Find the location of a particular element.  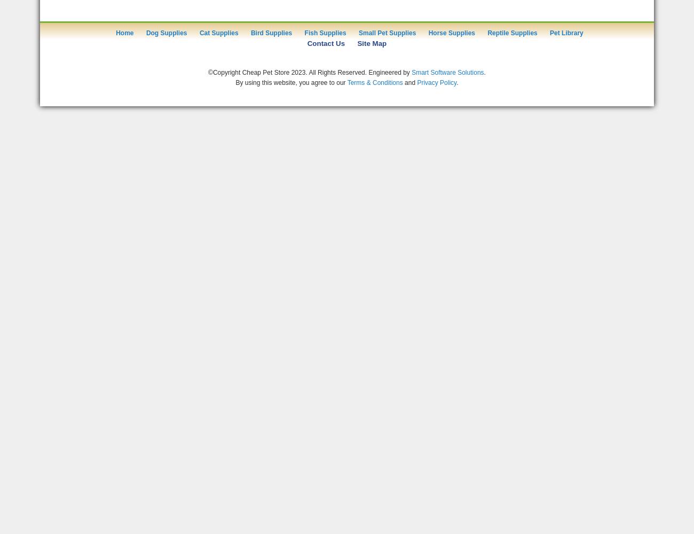

'©Copyright Cheap Pet Store 2023.
            All Rights Reserved.

            Engineered by' is located at coordinates (208, 73).